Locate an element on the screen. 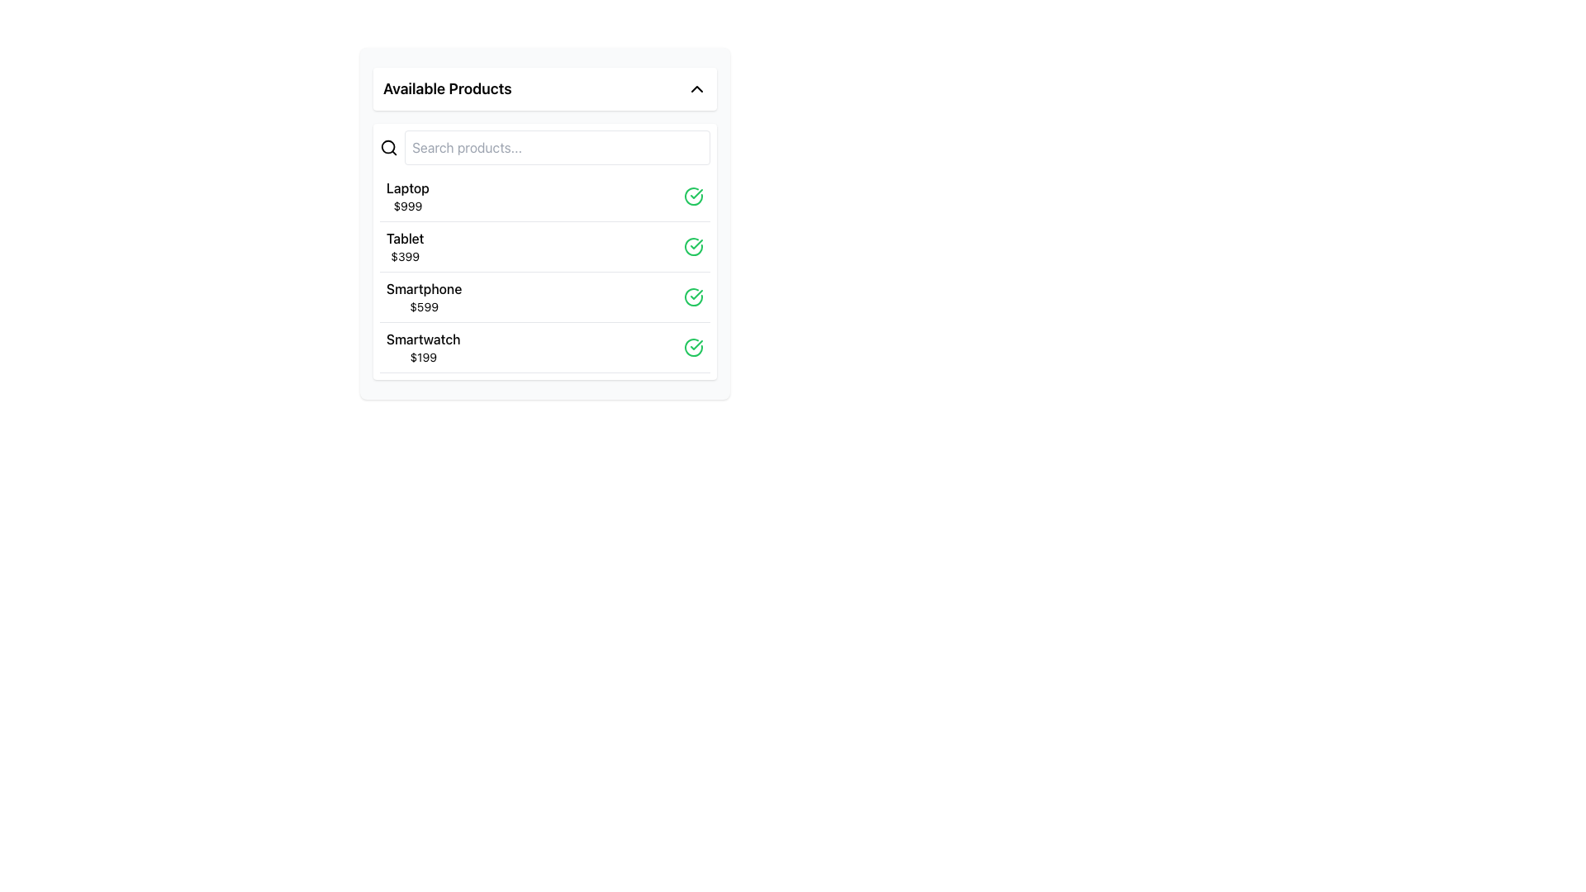  text of the header label located in the card section, positioned to the left of a downward chevron icon is located at coordinates (447, 89).